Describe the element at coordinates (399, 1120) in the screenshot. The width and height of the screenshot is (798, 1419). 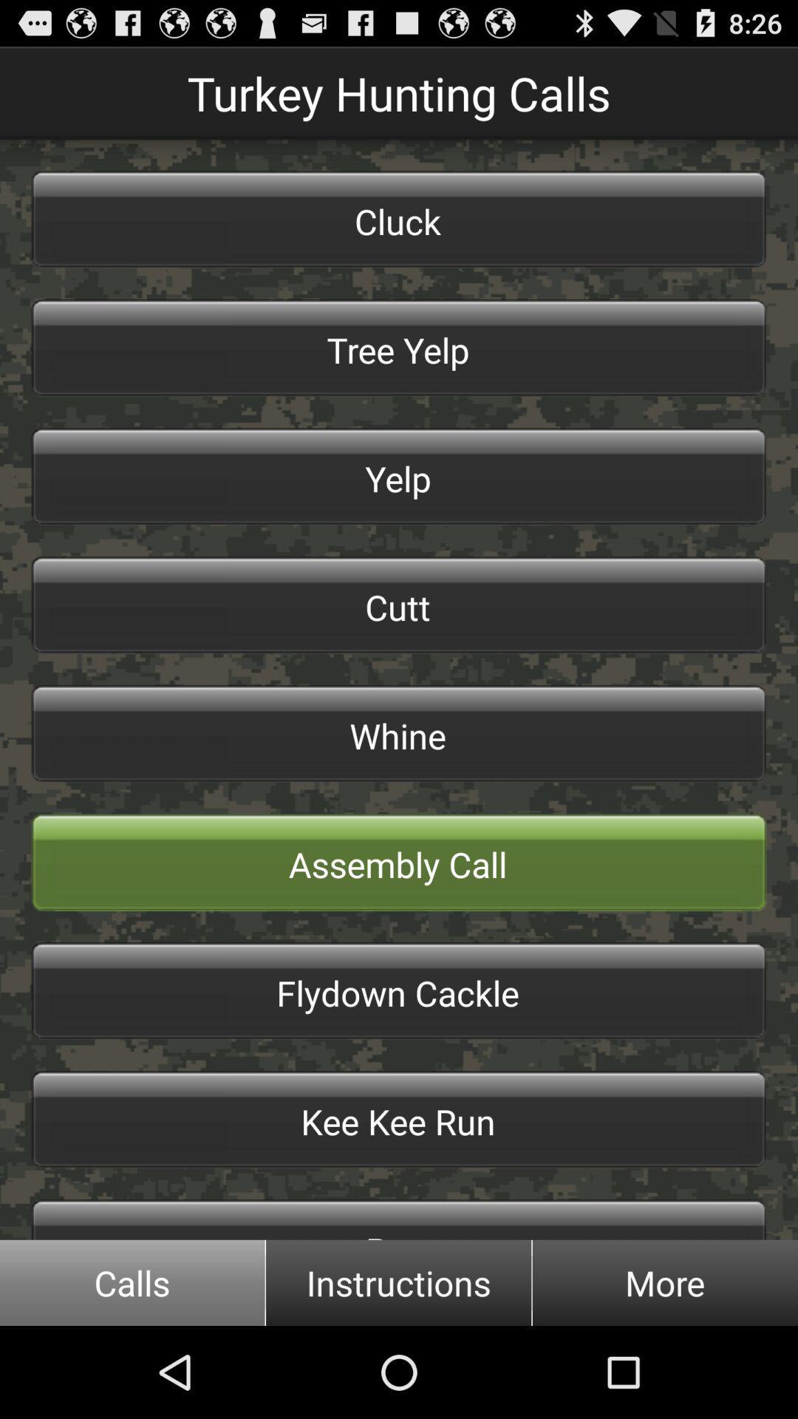
I see `the kee kee run item` at that location.